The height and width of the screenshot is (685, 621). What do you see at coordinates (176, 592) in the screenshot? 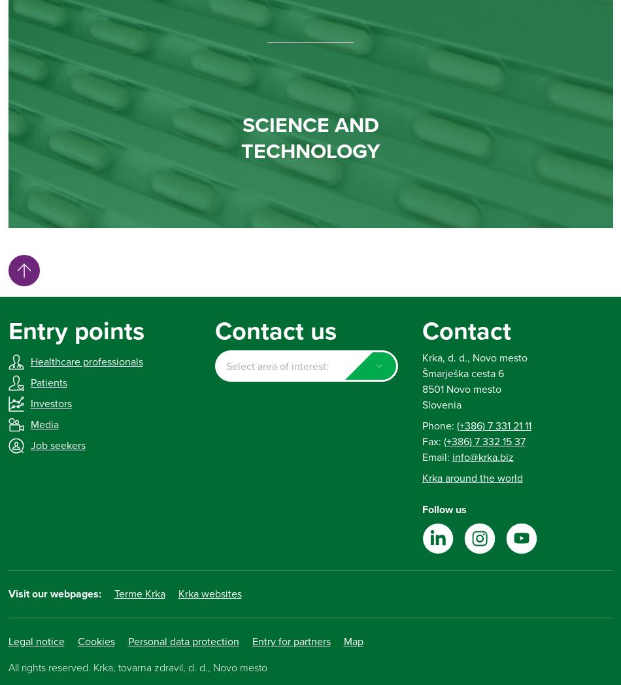
I see `'Krka websites'` at bounding box center [176, 592].